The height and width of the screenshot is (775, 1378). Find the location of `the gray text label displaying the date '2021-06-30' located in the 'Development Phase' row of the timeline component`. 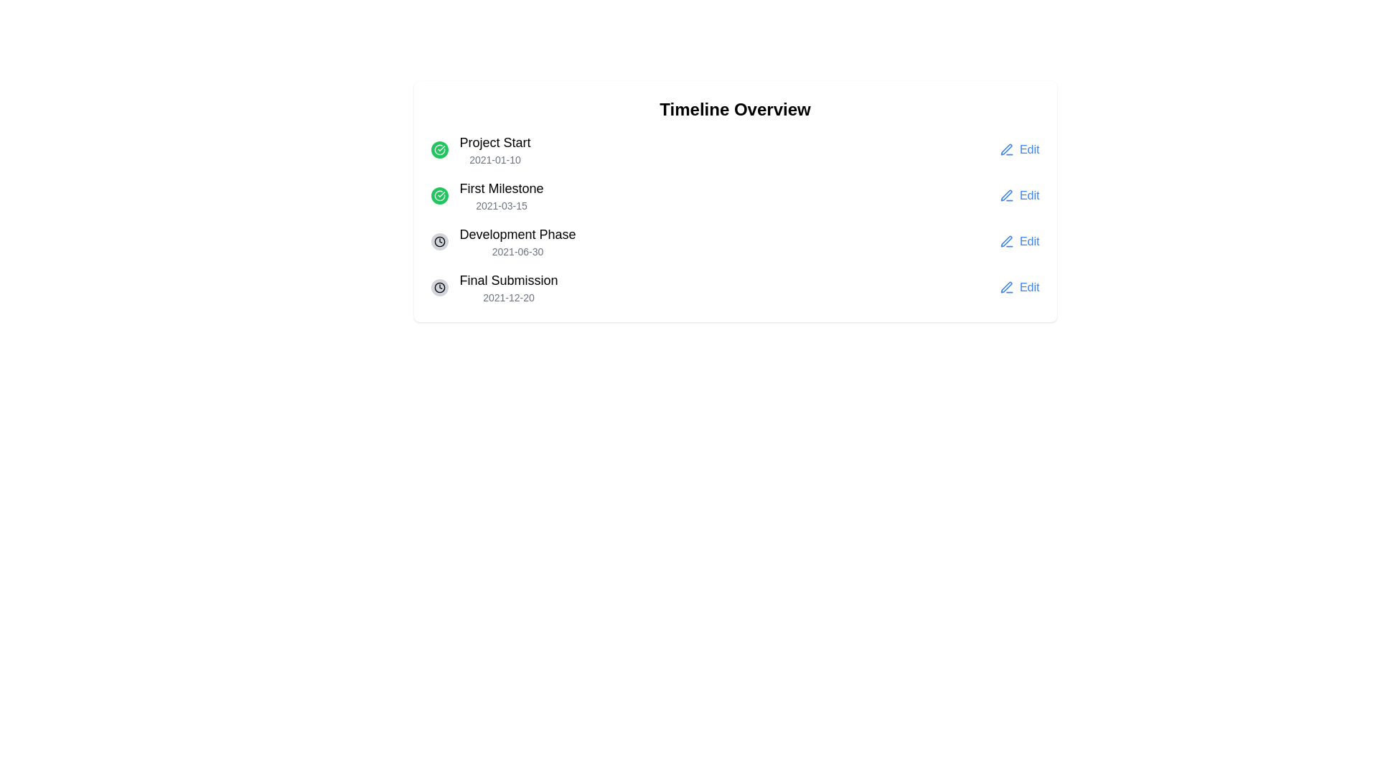

the gray text label displaying the date '2021-06-30' located in the 'Development Phase' row of the timeline component is located at coordinates (517, 251).